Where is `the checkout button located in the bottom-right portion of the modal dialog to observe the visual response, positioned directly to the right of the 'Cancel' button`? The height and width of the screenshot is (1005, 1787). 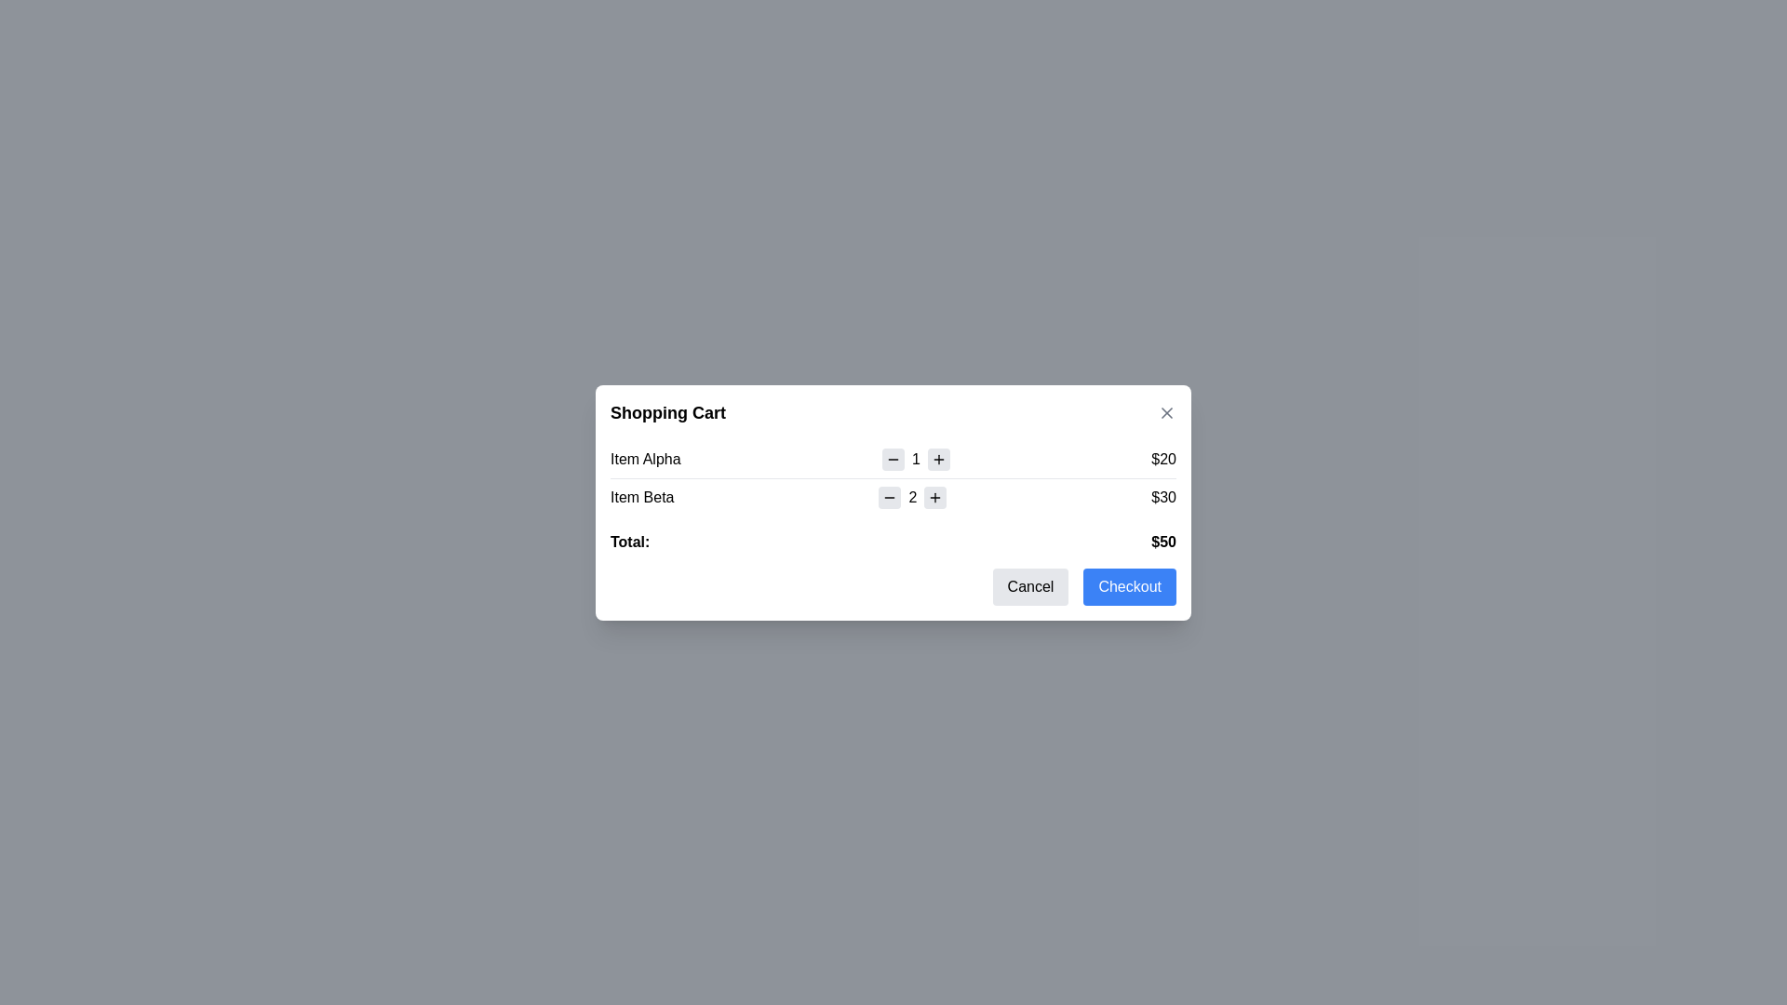 the checkout button located in the bottom-right portion of the modal dialog to observe the visual response, positioned directly to the right of the 'Cancel' button is located at coordinates (1129, 586).